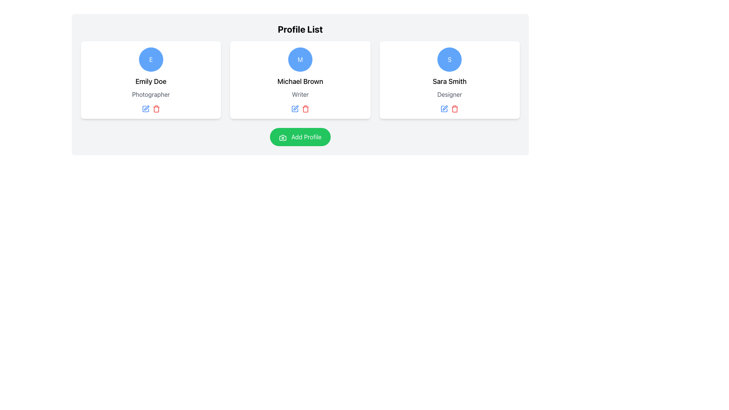 The image size is (729, 410). I want to click on the camera icon for adding a profile, which is located to the left of the 'Add Profile' text within the button at the bottom of the profile list section, so click(282, 137).